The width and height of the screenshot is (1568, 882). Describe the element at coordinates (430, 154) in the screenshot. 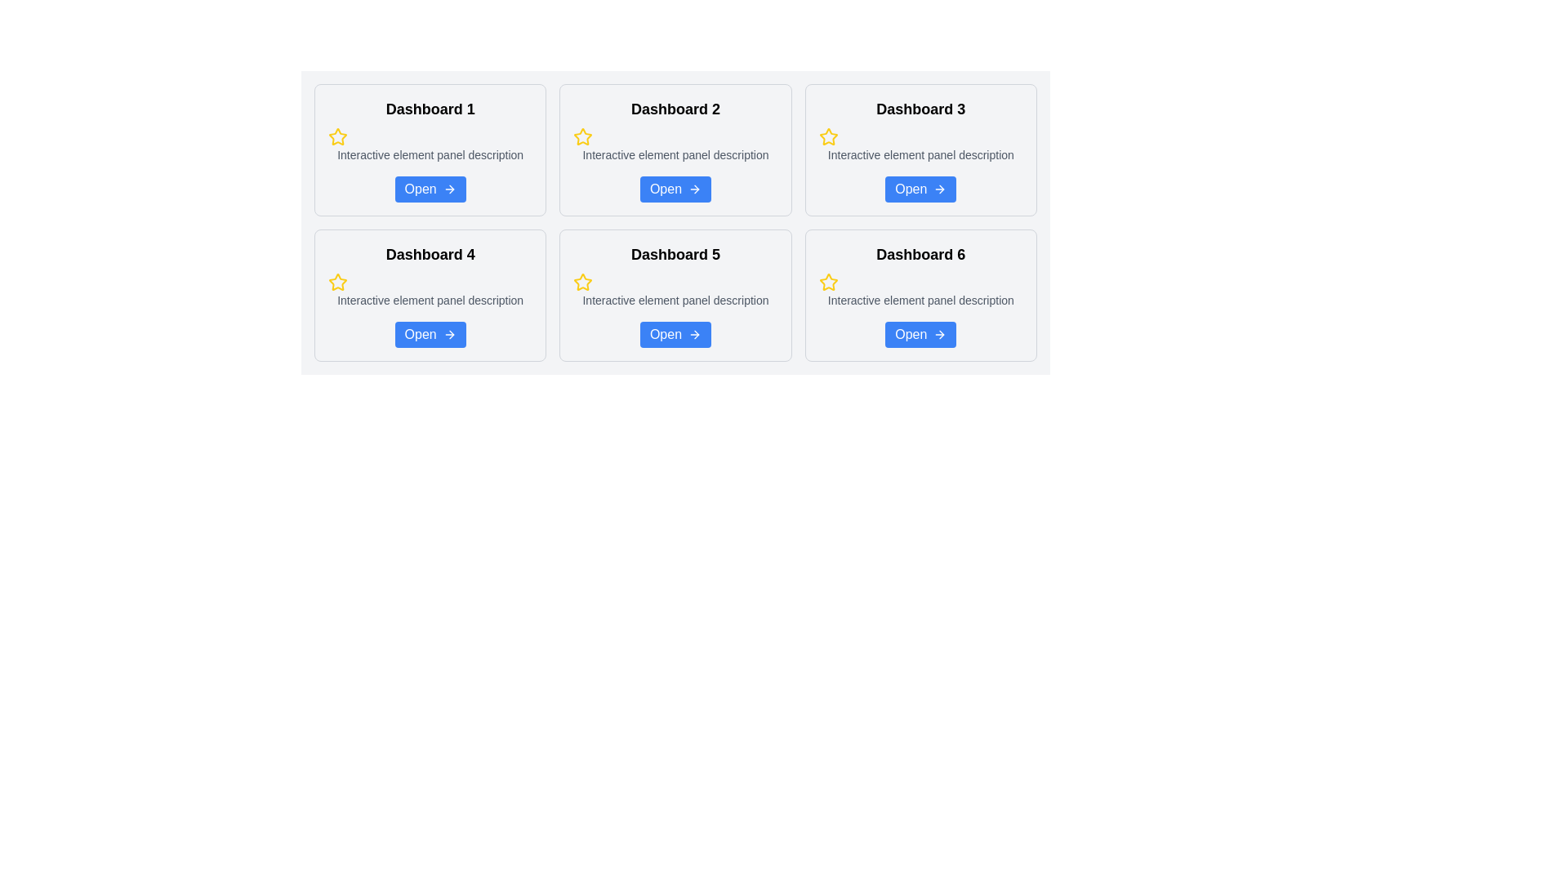

I see `the static text element displaying 'Interactive element panel description' located below 'Dashboard 1' and above the 'Open' button` at that location.